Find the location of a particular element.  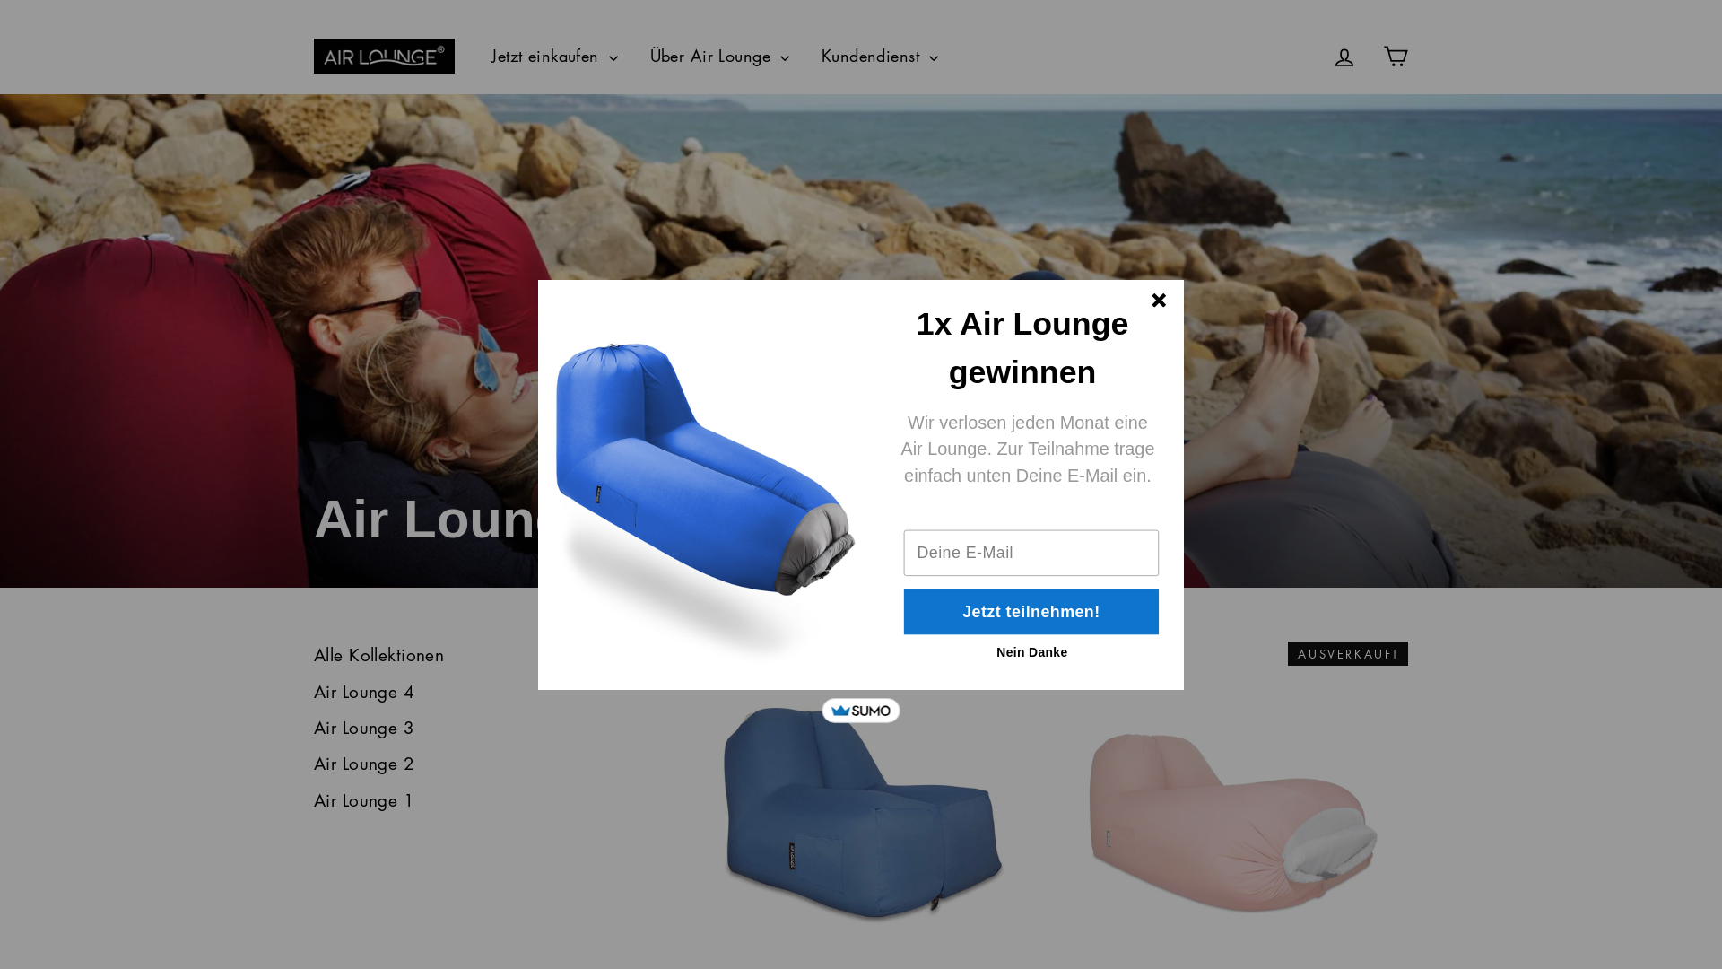

'Kundendienst' is located at coordinates (807, 55).